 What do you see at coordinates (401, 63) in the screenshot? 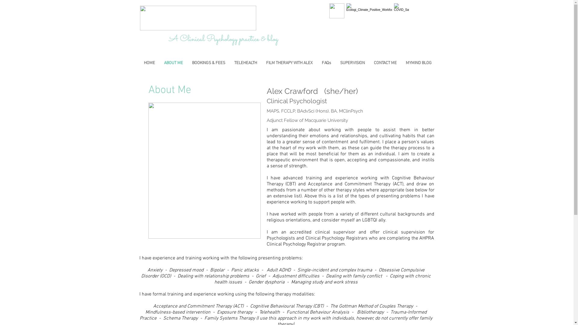
I see `'MYMIND BLOG'` at bounding box center [401, 63].